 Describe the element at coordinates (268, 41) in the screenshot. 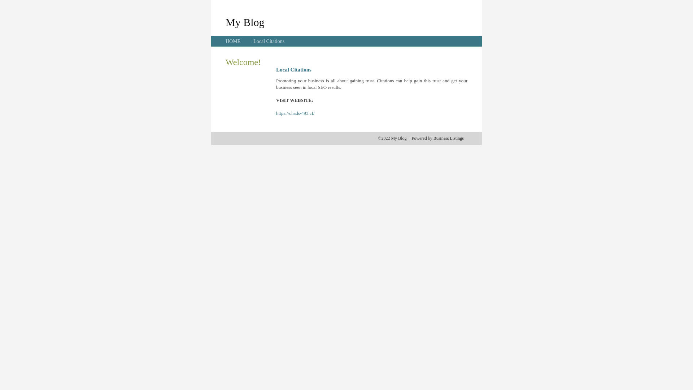

I see `'Local Citations'` at that location.